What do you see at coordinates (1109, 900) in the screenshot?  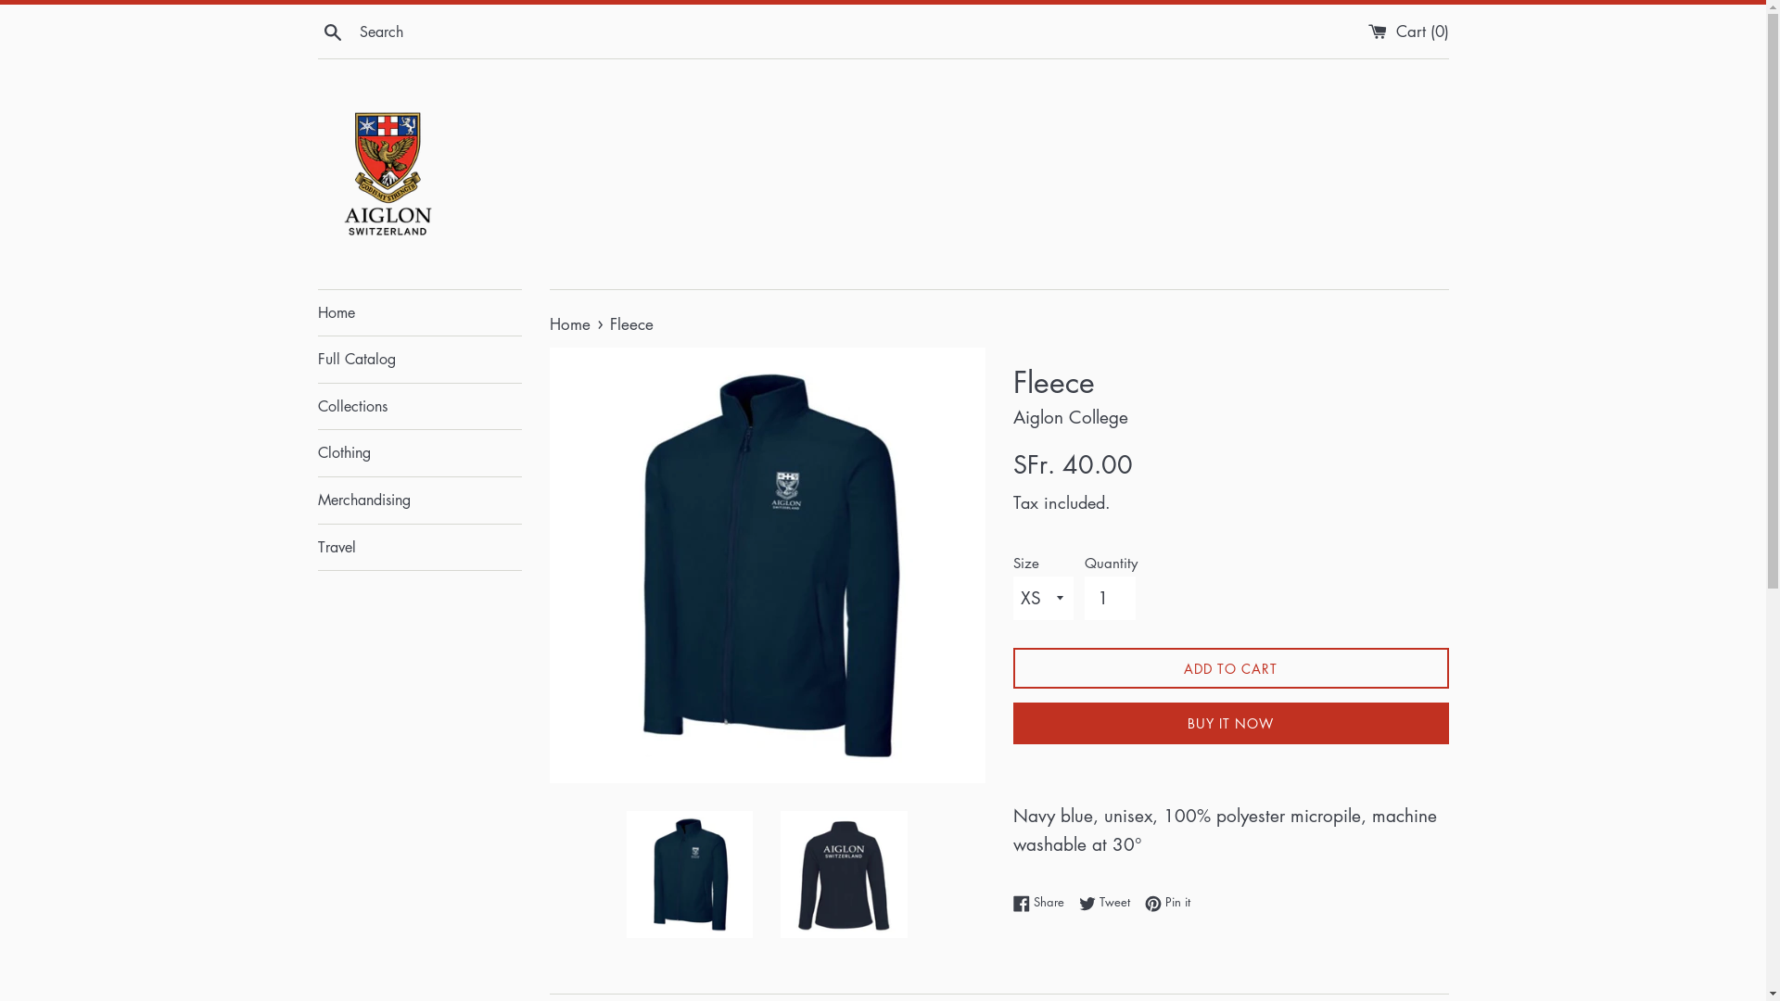 I see `'Tweet` at bounding box center [1109, 900].